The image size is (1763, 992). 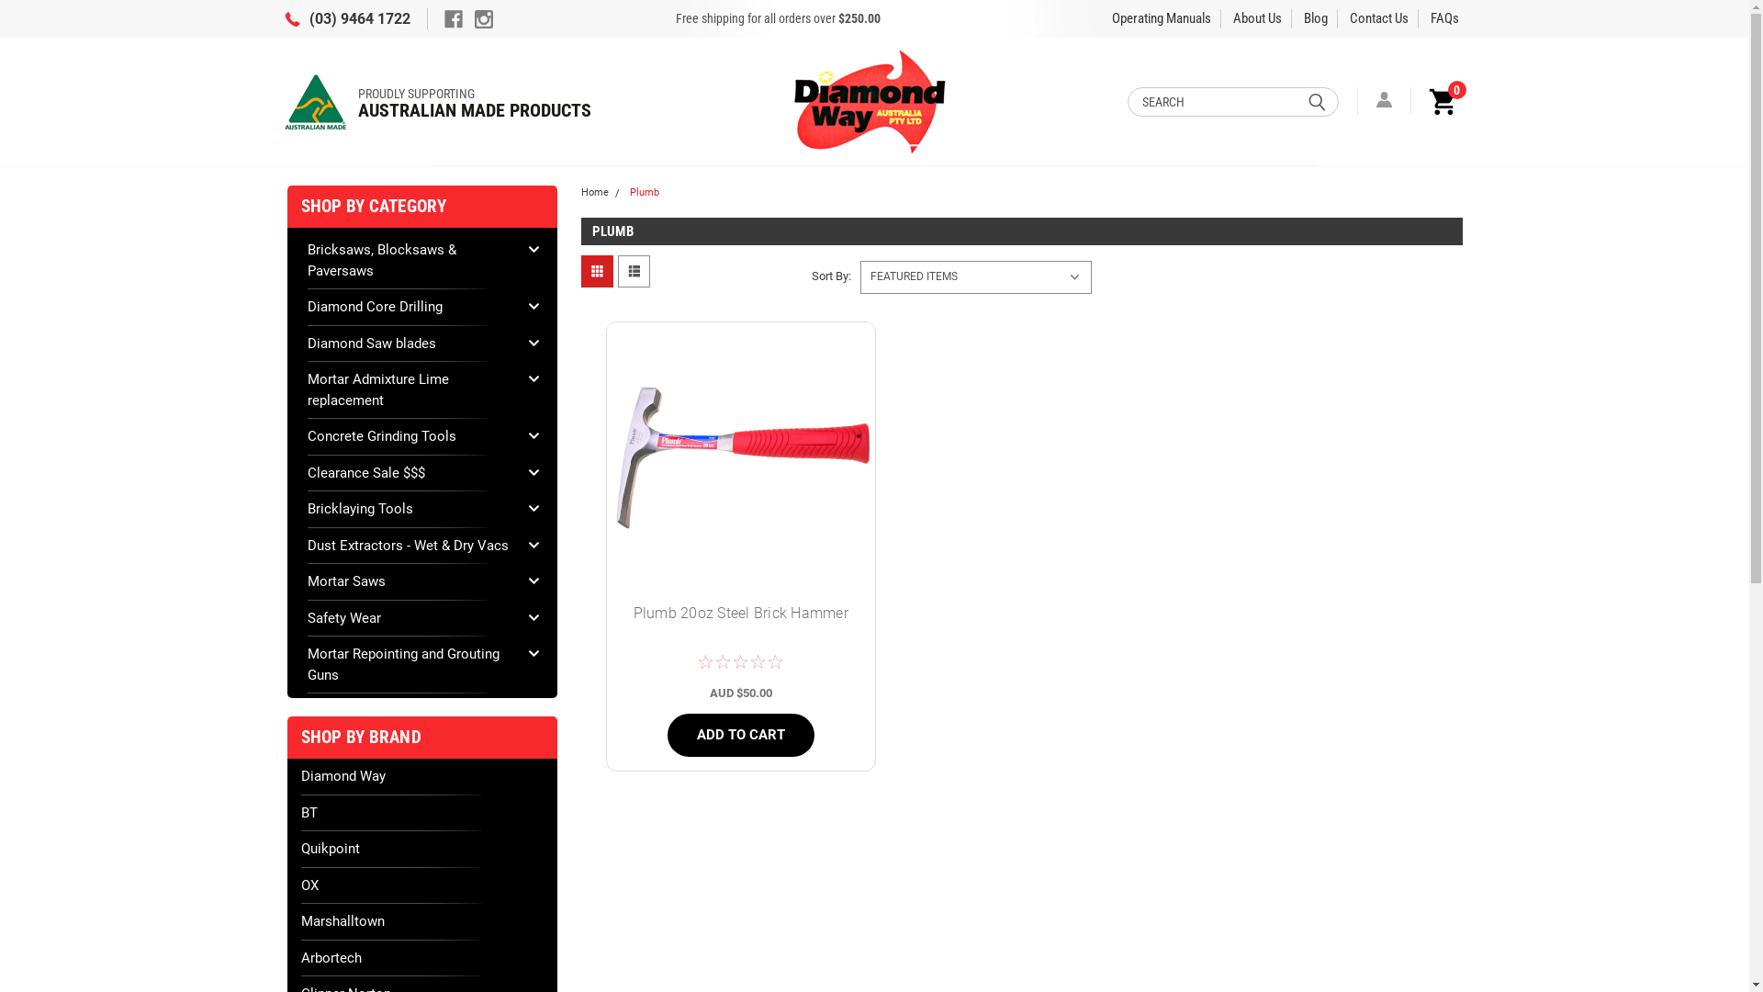 What do you see at coordinates (1443, 17) in the screenshot?
I see `'FAQs'` at bounding box center [1443, 17].